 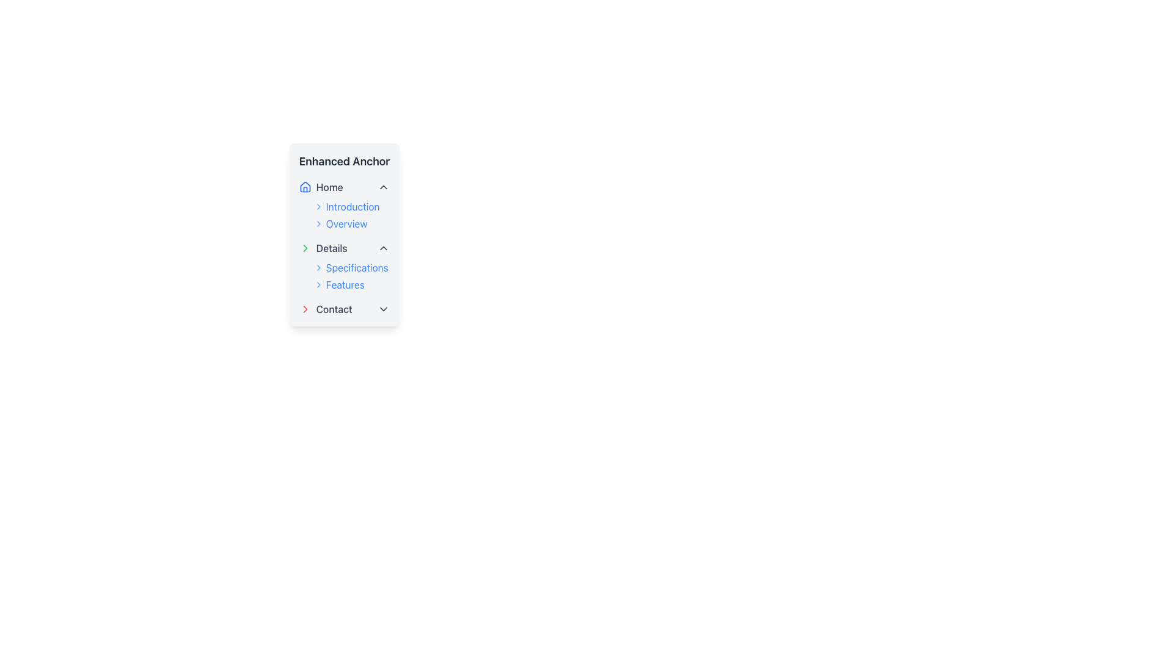 What do you see at coordinates (383, 308) in the screenshot?
I see `the toggle indicator icon located directly to the right of the 'Contact' text in the navigation panel` at bounding box center [383, 308].